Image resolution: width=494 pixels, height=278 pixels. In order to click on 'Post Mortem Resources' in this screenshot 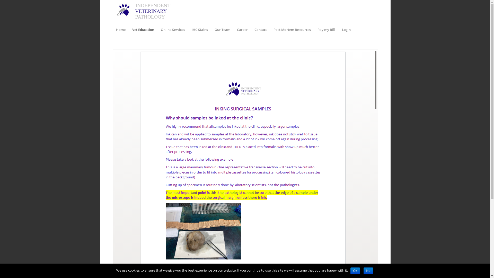, I will do `click(292, 30)`.